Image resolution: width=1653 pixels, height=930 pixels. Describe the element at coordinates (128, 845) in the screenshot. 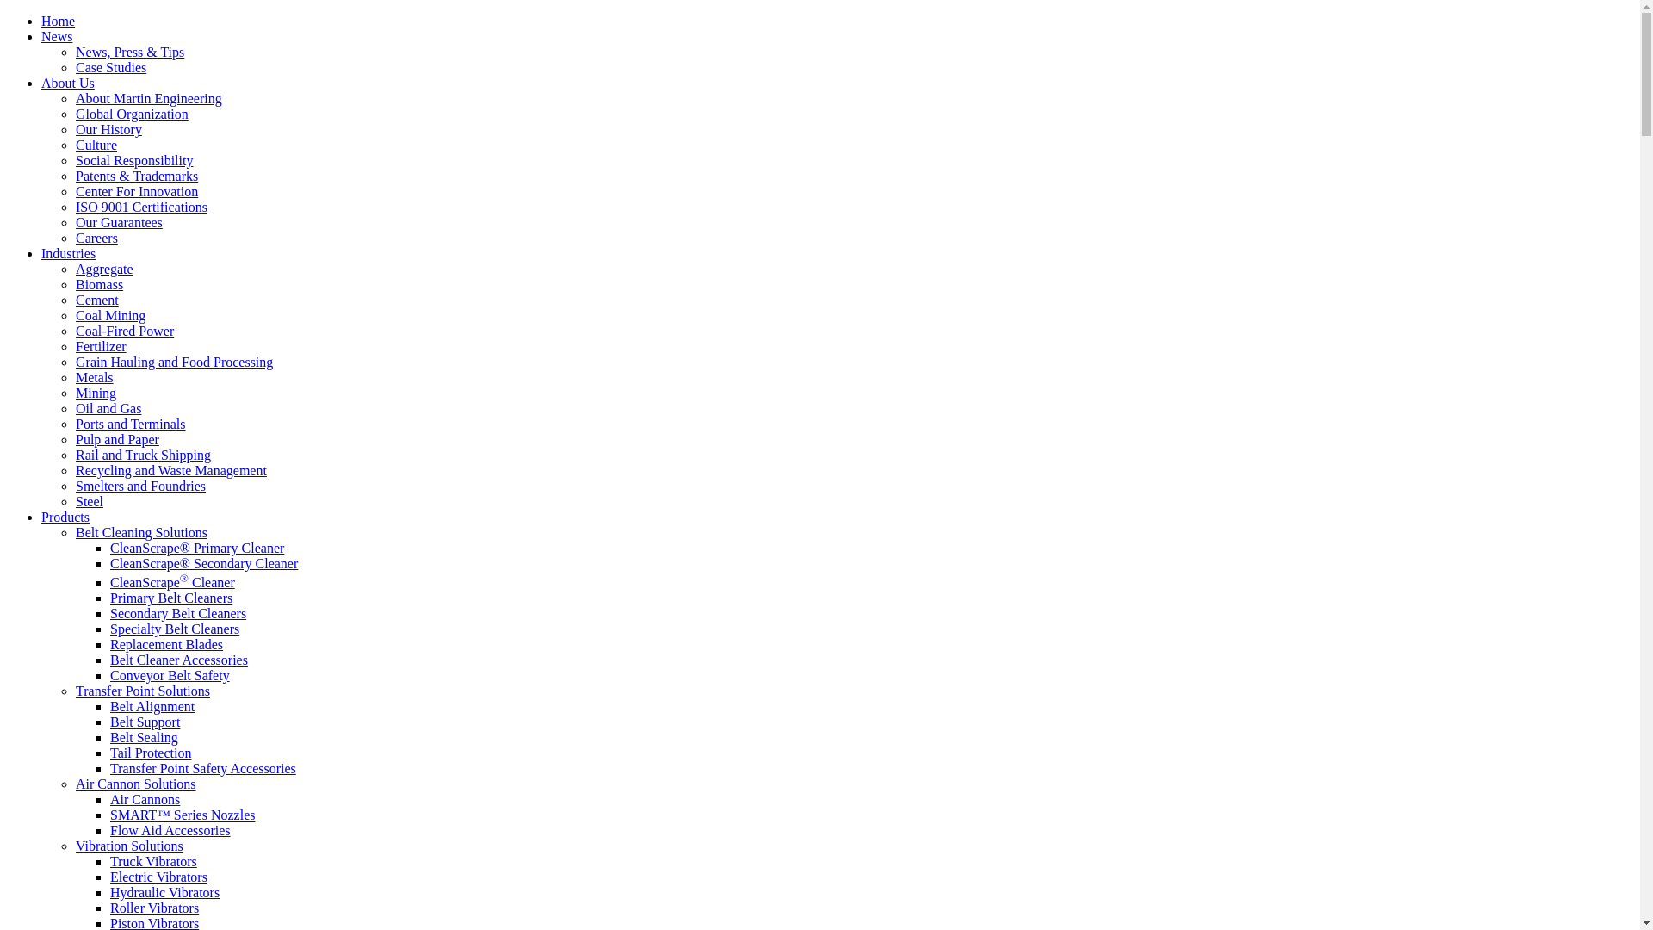

I see `'Vibration Solutions'` at that location.